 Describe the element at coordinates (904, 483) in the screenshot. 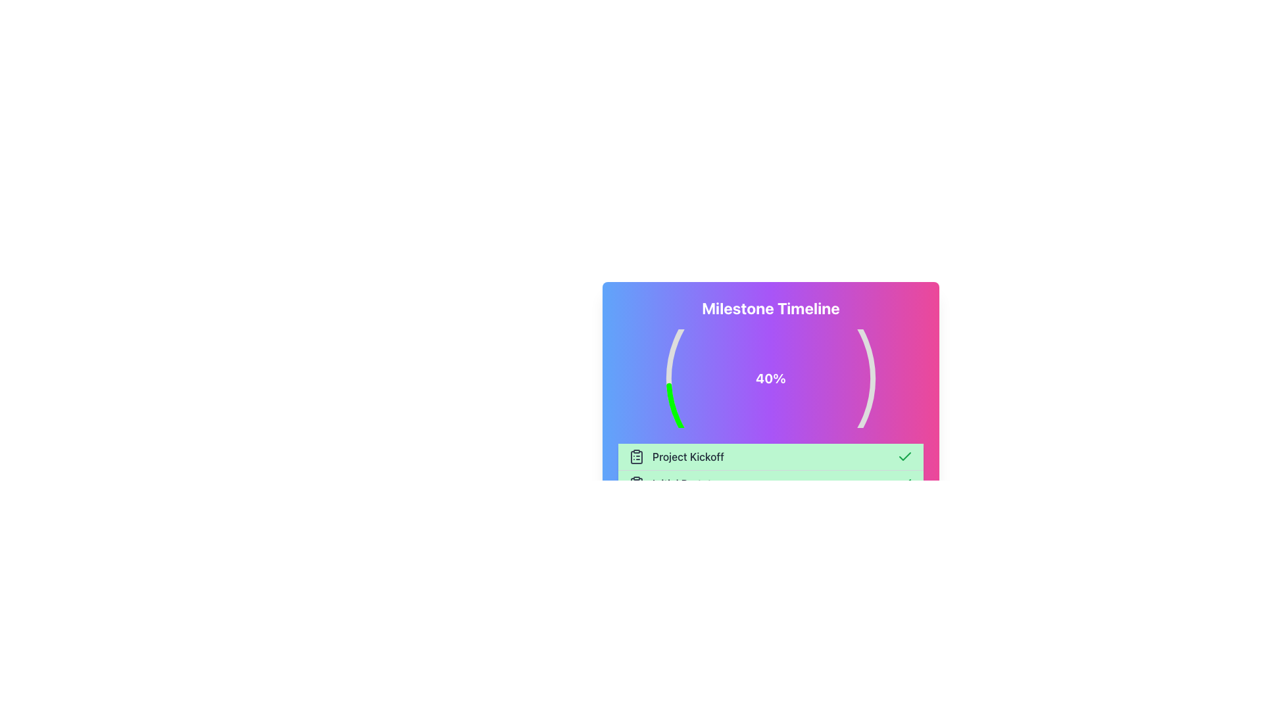

I see `the SVG Graphic (Checkmark Icon) that is part of the milestone progress section, styled with lucide-check class, located near the 'Project Kickoff' text` at that location.